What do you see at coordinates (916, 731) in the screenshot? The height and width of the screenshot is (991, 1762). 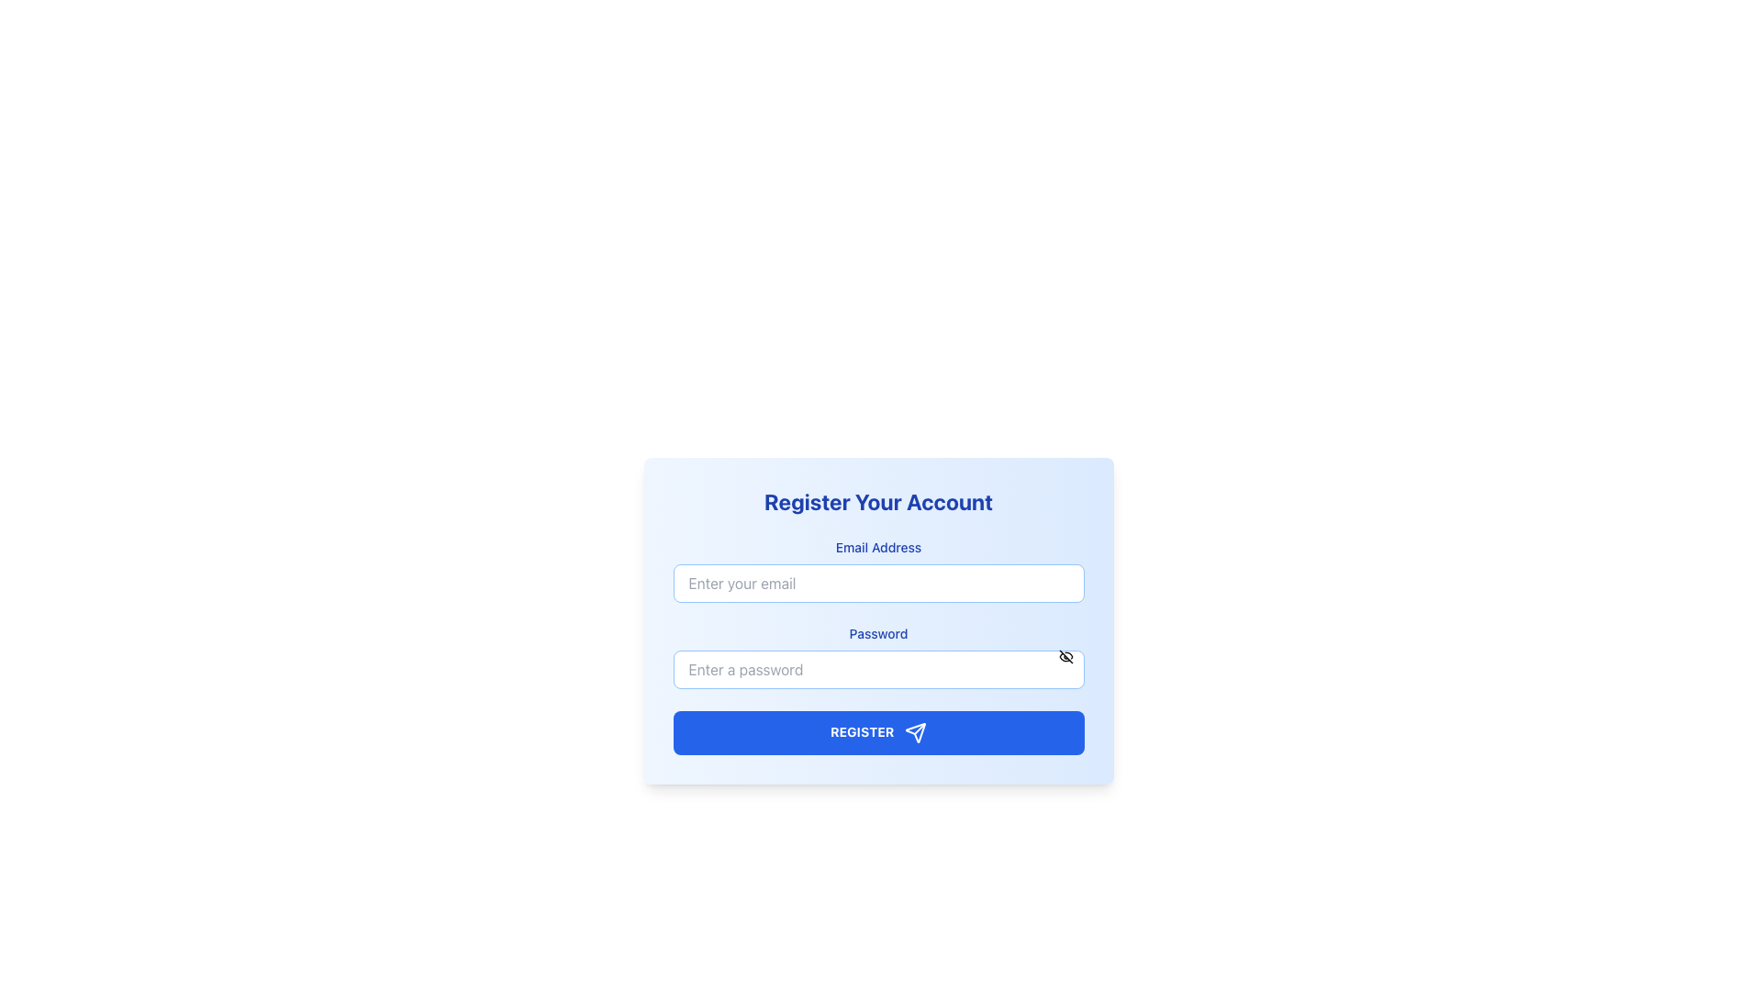 I see `the paper plane icon with a blue stroke located to the right of the 'REGISTER' button to interact with the button action` at bounding box center [916, 731].